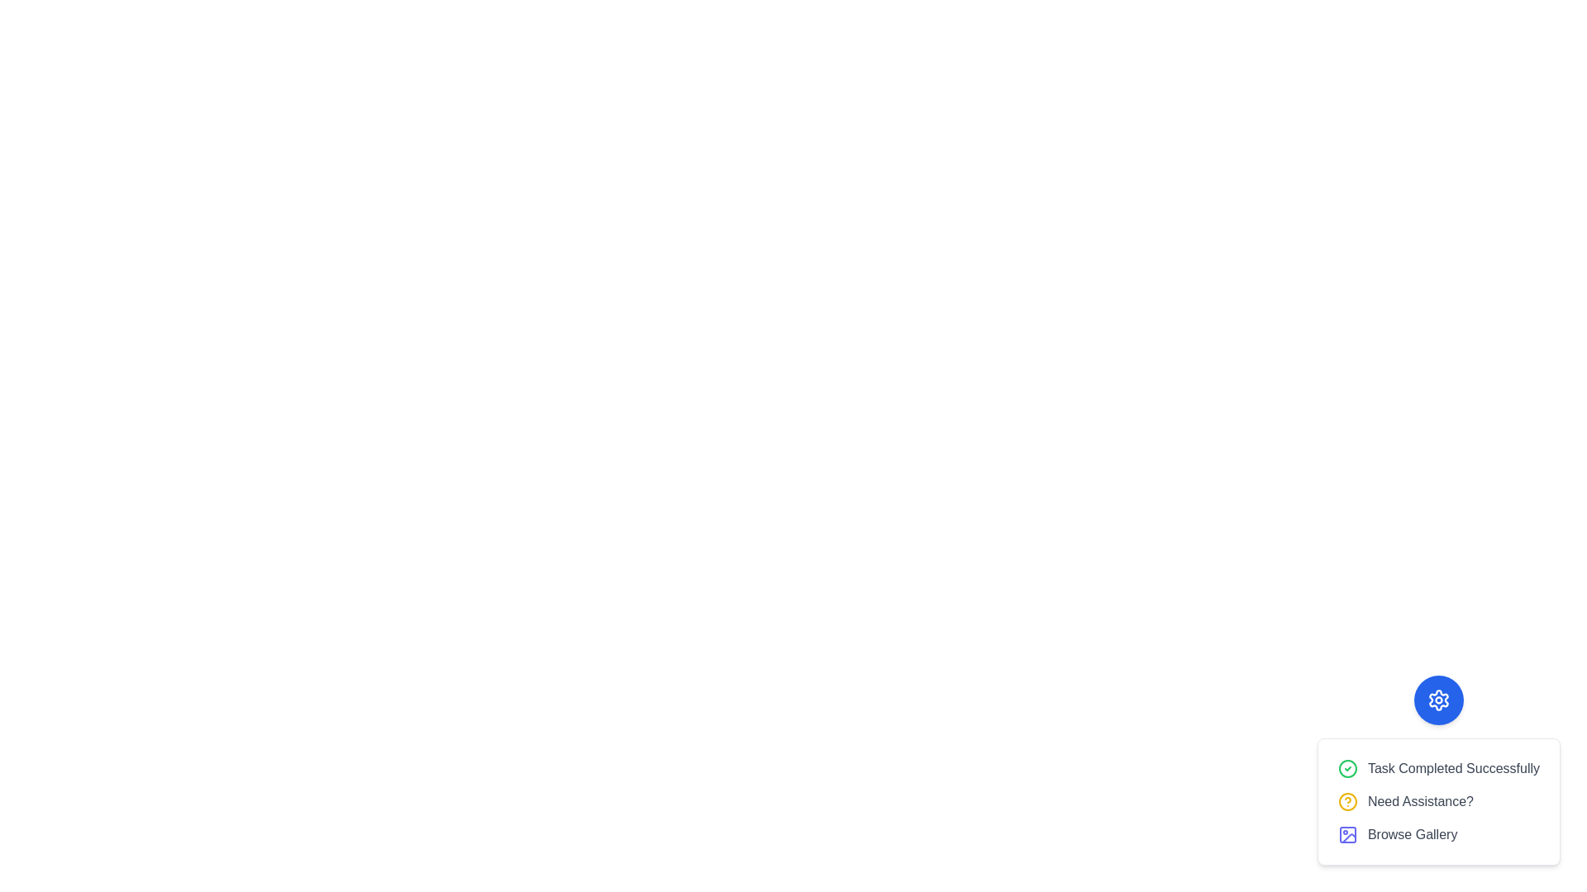  What do you see at coordinates (1347, 768) in the screenshot?
I see `the green circular icon with a checkmark that signifies a completed action, located to the left of the 'Task Completed Successfully' text` at bounding box center [1347, 768].